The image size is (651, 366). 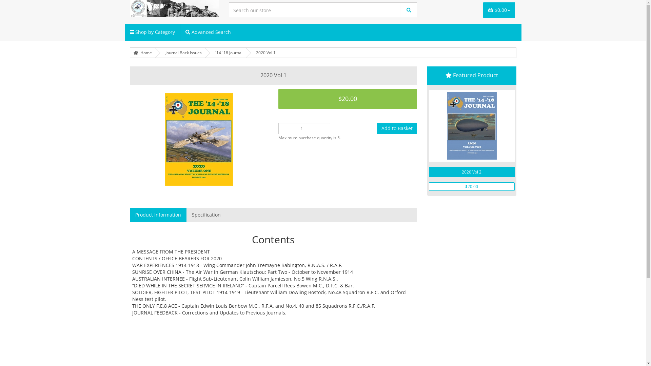 What do you see at coordinates (152, 32) in the screenshot?
I see `'Shop by Category'` at bounding box center [152, 32].